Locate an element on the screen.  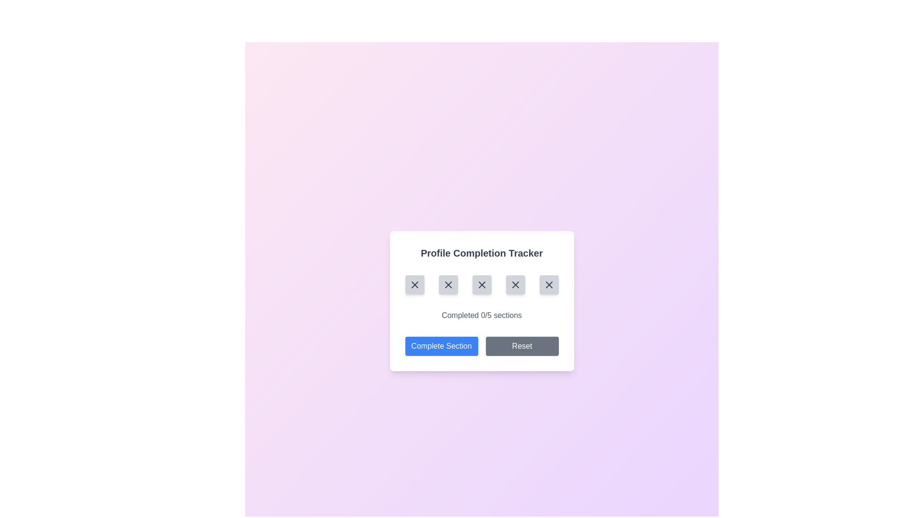
the Progress Tracker Step Indicator, which is a square icon with a light gray background and a dark gray 'X' symbol, located in the middle of a group of five similar icons below 'Profile Completion Tracker' is located at coordinates (482, 284).